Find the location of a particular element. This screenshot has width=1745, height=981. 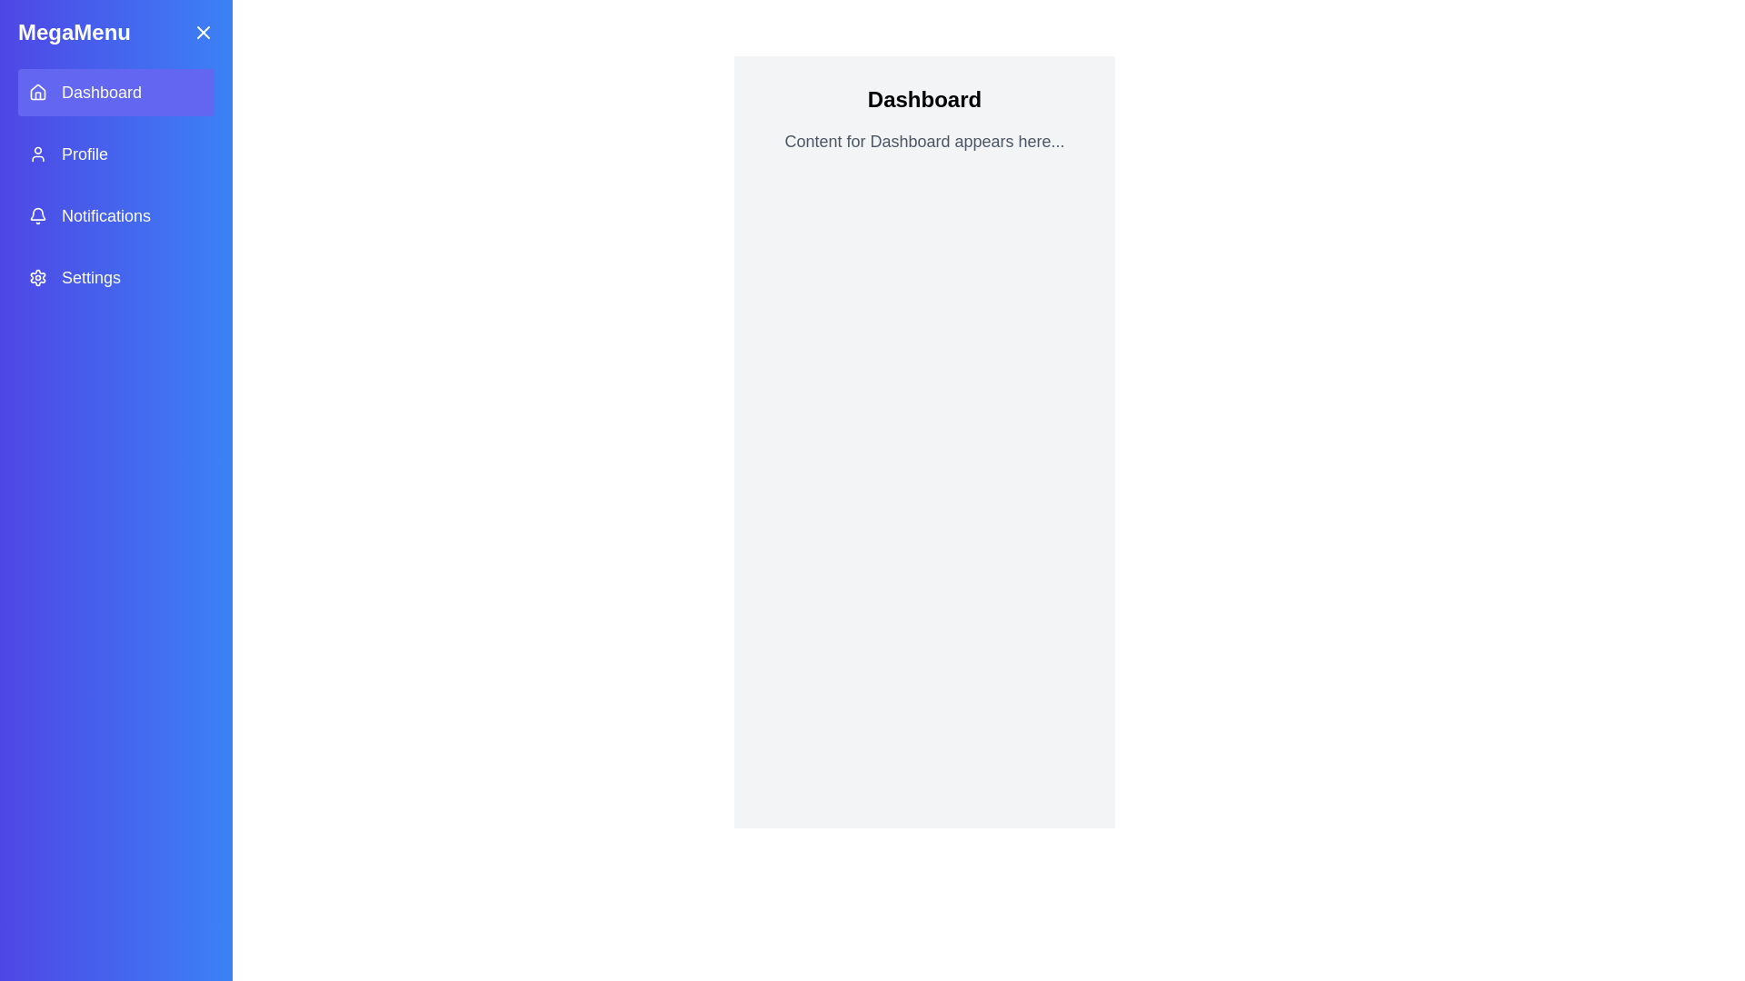

the text element located below 'Dashboard' in the middle-right part of the layout, which serves as a placeholder for content display is located at coordinates (924, 140).